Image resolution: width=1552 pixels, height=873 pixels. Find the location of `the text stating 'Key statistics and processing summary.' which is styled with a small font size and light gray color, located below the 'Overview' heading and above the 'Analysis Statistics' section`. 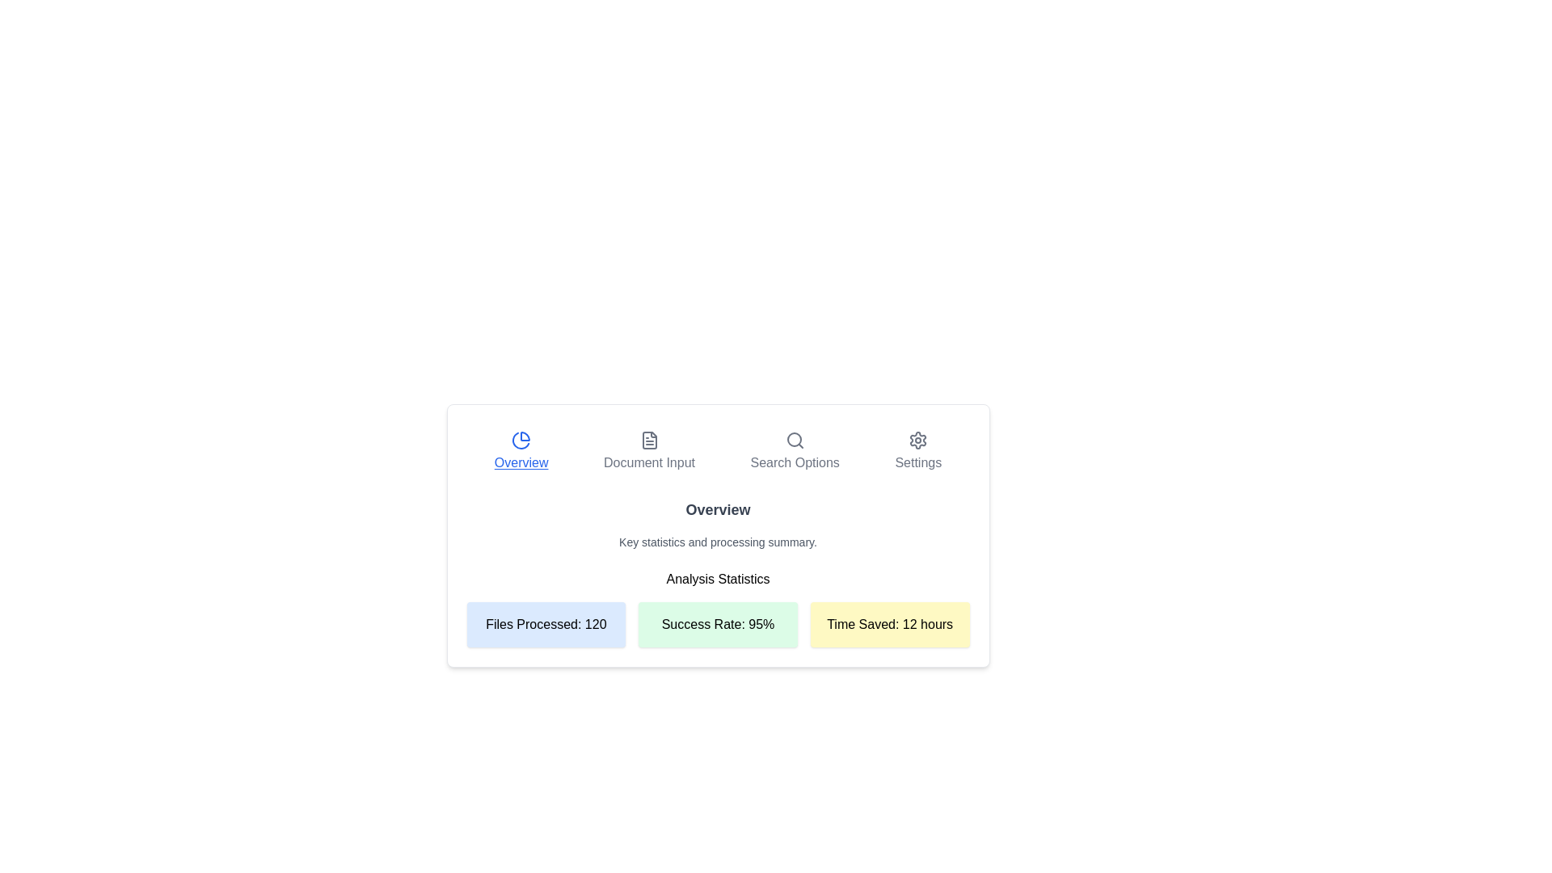

the text stating 'Key statistics and processing summary.' which is styled with a small font size and light gray color, located below the 'Overview' heading and above the 'Analysis Statistics' section is located at coordinates (717, 542).